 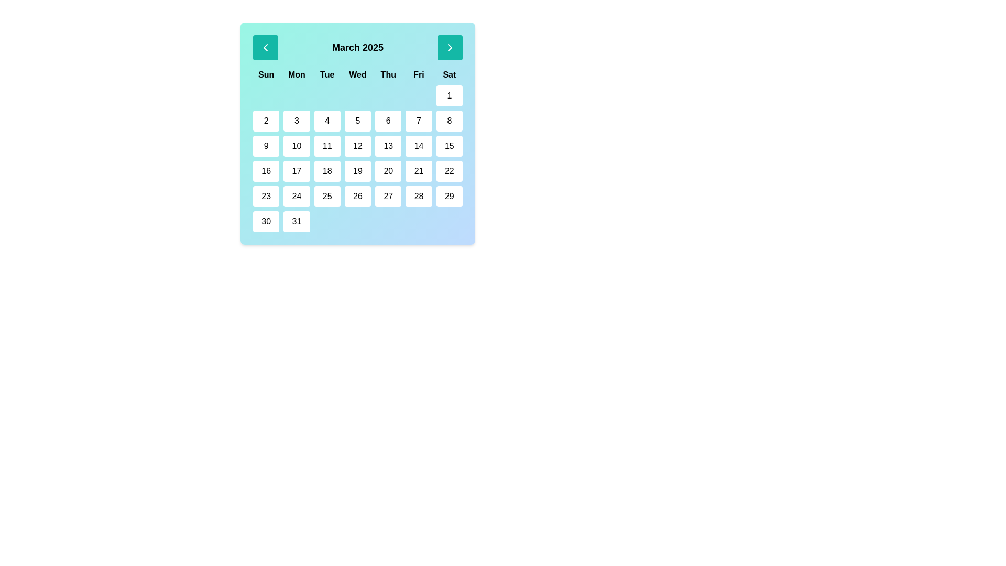 What do you see at coordinates (418, 74) in the screenshot?
I see `the bold text label displaying 'Fri' in the header section of the calendar grid layout, which is the sixth column representing the days of the week` at bounding box center [418, 74].